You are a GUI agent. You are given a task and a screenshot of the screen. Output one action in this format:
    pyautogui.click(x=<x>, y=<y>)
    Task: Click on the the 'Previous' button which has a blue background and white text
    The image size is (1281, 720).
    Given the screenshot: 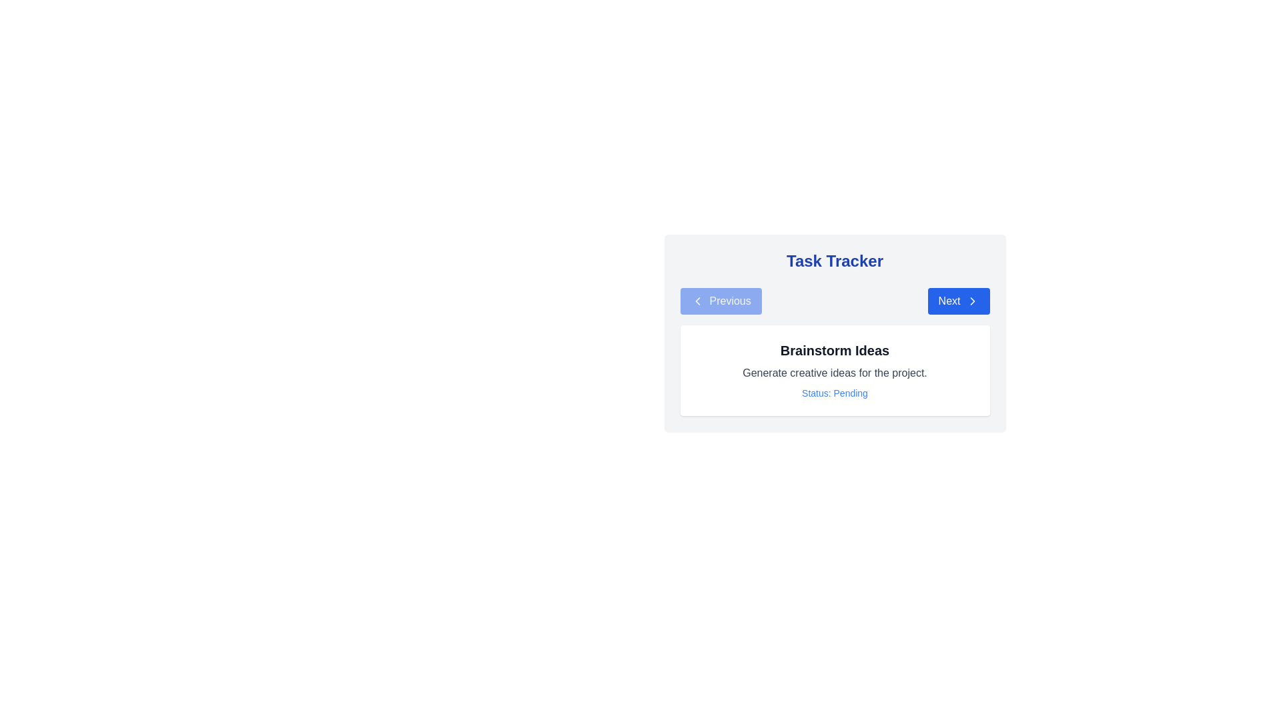 What is the action you would take?
    pyautogui.click(x=720, y=301)
    